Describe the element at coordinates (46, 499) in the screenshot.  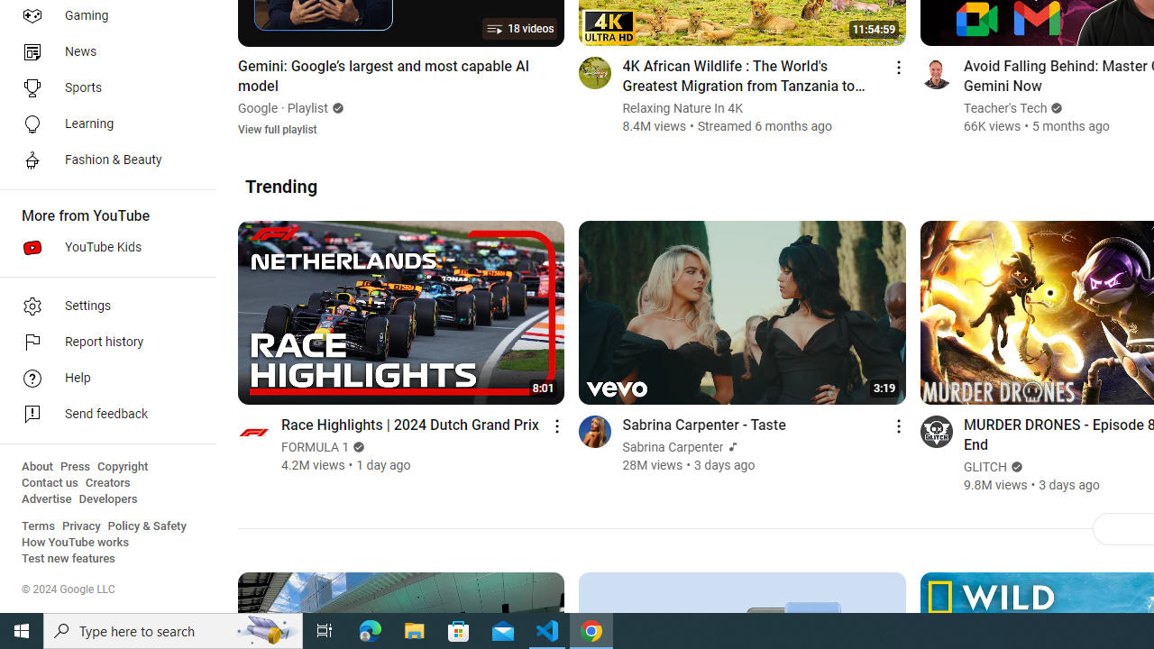
I see `'Advertise'` at that location.